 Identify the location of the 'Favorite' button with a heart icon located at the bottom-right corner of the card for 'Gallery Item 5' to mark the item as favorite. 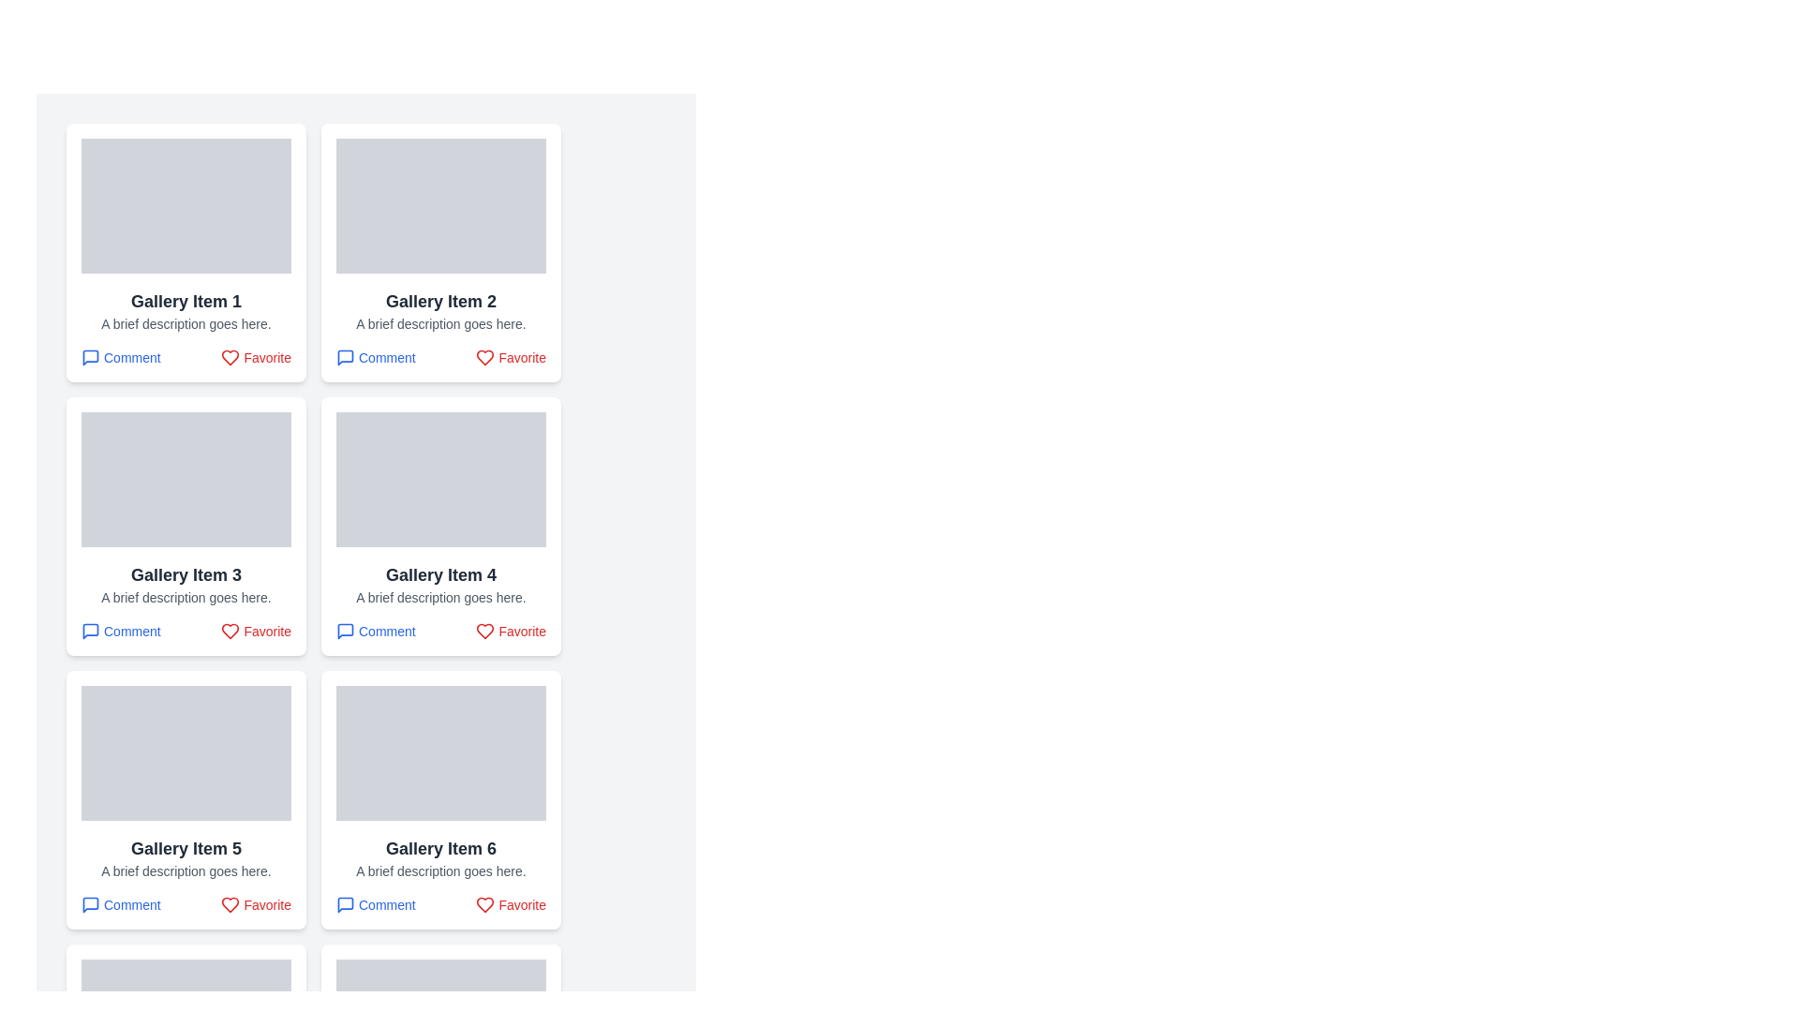
(255, 903).